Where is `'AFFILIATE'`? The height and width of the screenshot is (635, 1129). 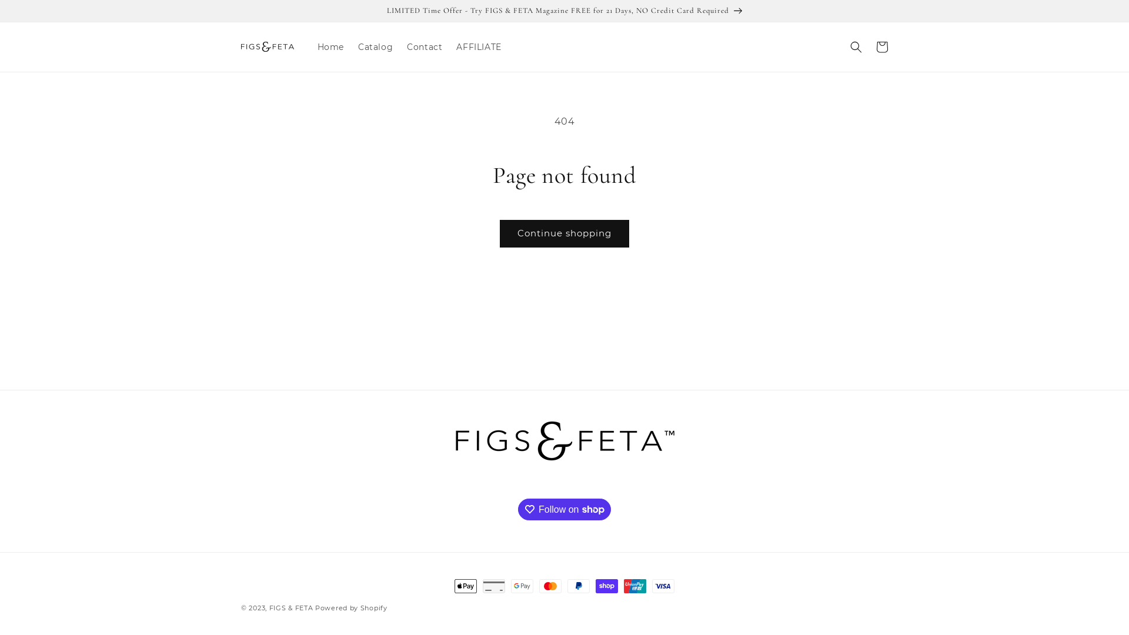
'AFFILIATE' is located at coordinates (479, 46).